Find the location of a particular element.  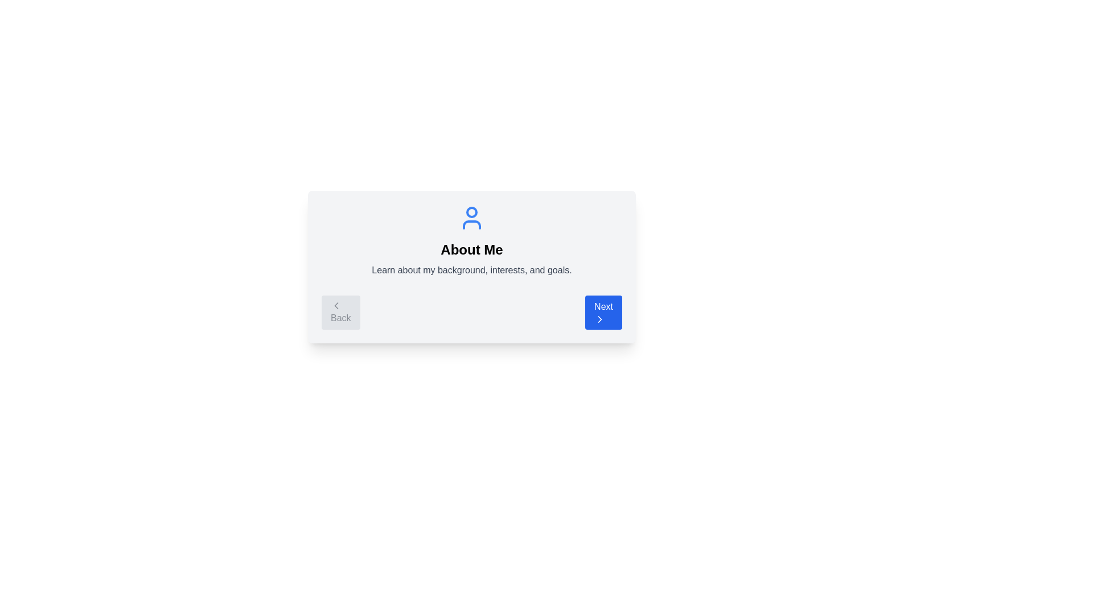

the small left-facing chevron icon, which is part of the 'Back' button located at the bottom-left corner of the visible card is located at coordinates (335, 305).